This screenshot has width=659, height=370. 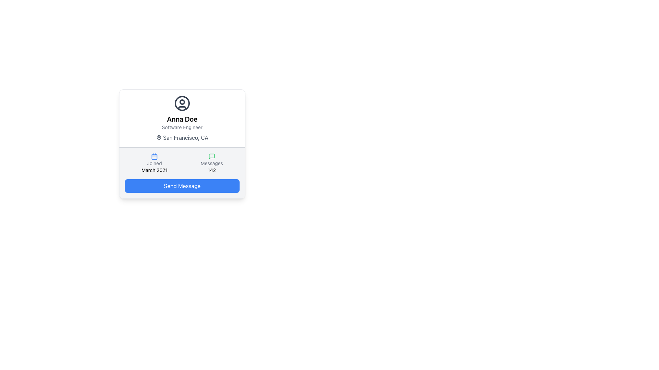 What do you see at coordinates (154, 163) in the screenshot?
I see `the text label displaying 'Joined' located above the date 'March 2021' and adjacent to the calendar icon in the user information section of the card interface` at bounding box center [154, 163].